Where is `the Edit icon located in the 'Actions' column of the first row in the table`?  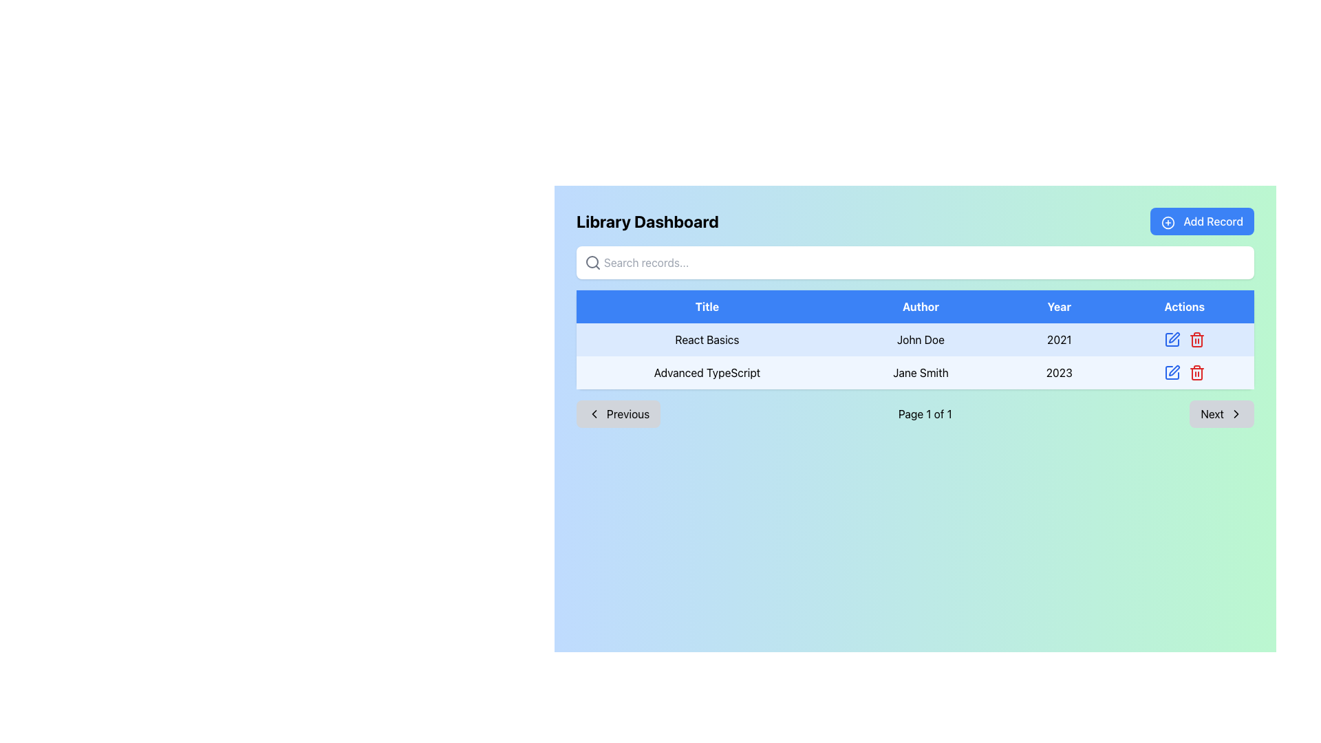 the Edit icon located in the 'Actions' column of the first row in the table is located at coordinates (1183, 339).